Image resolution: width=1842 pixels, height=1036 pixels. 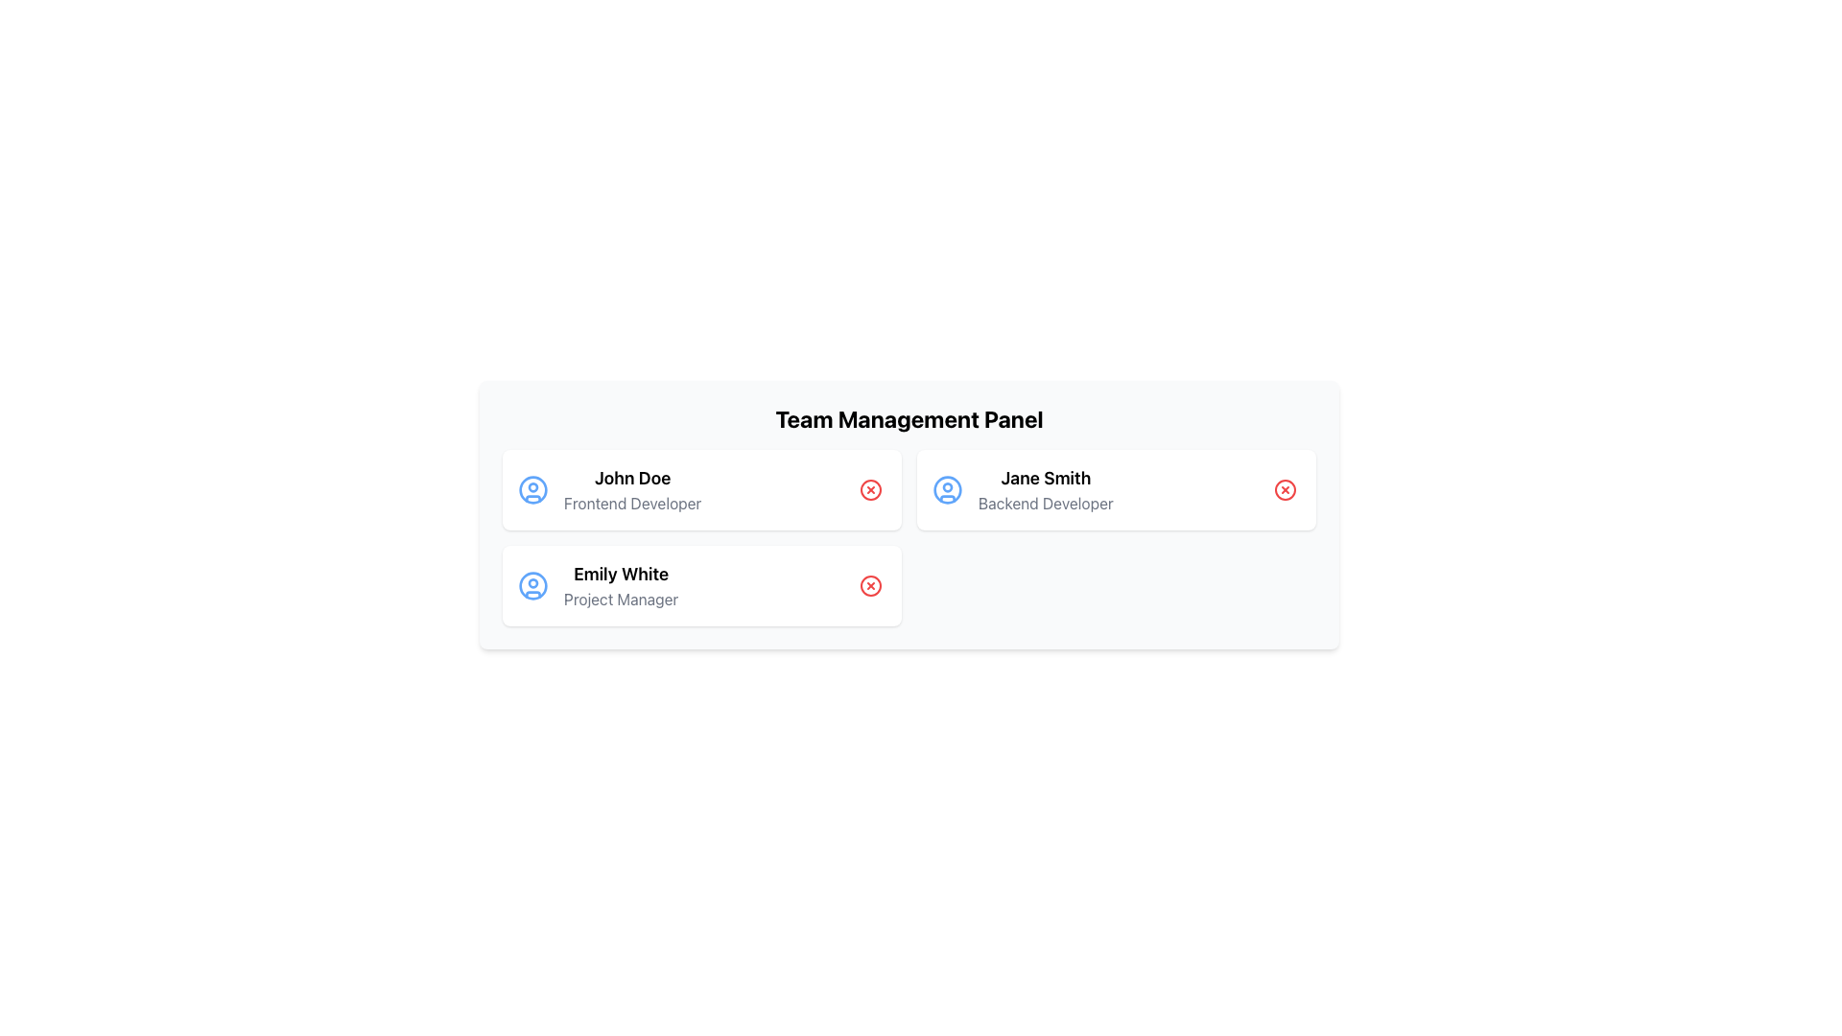 What do you see at coordinates (597, 584) in the screenshot?
I see `the Profile Information Display containing the name 'Emily White' and title 'Project Manager'` at bounding box center [597, 584].